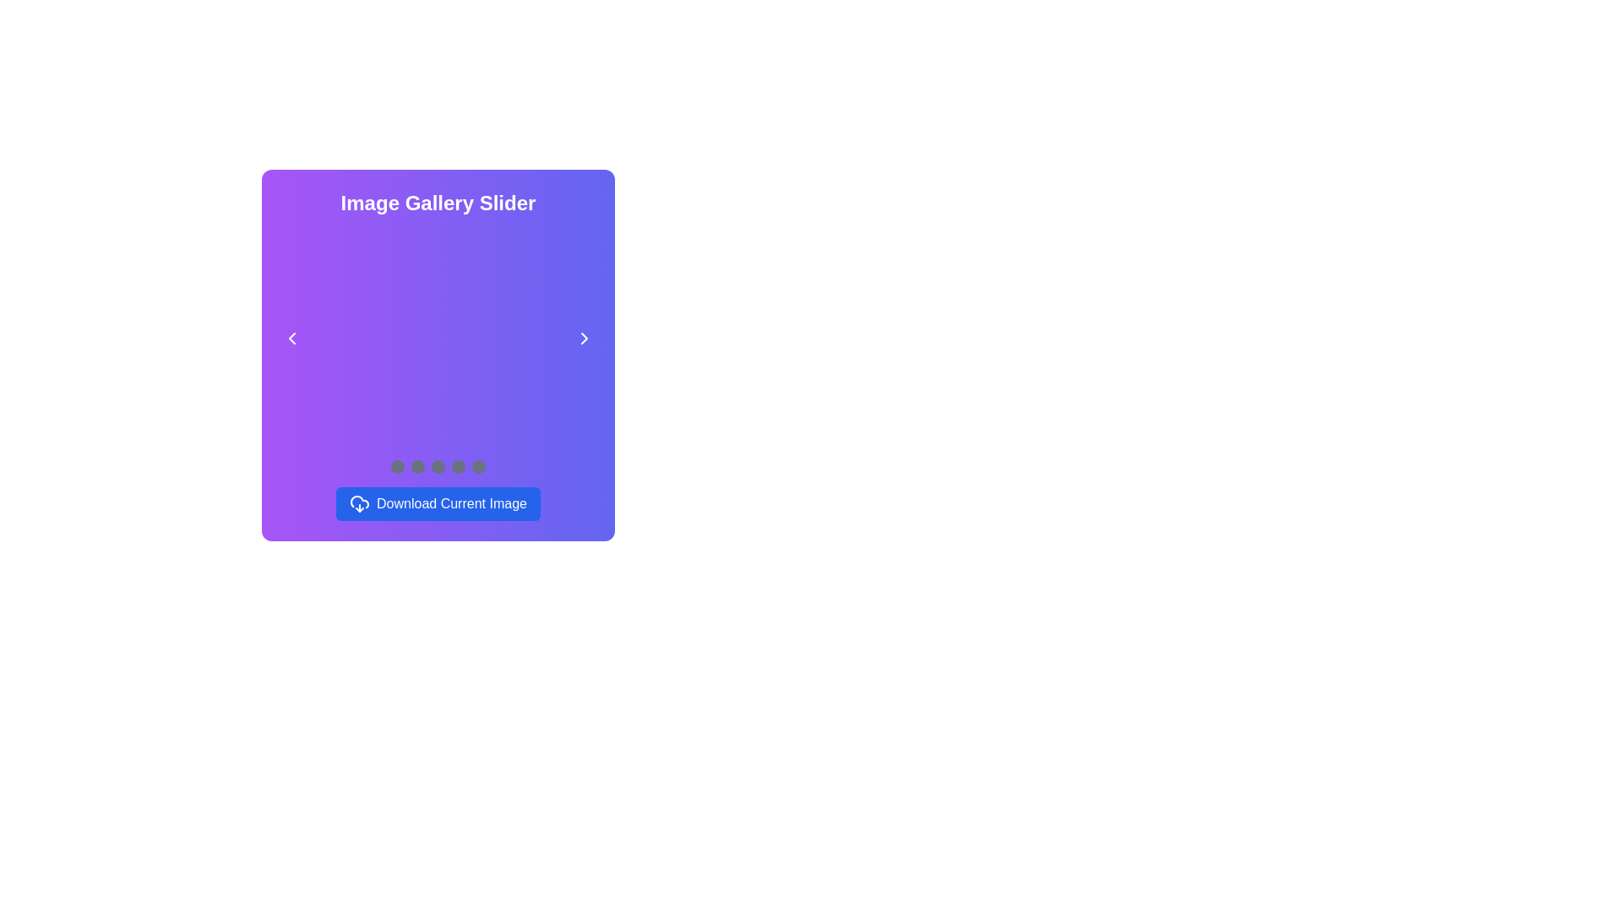 Image resolution: width=1622 pixels, height=912 pixels. What do you see at coordinates (359, 501) in the screenshot?
I see `graphical cloud icon located adjacent to the 'Download Current Image' button for design details` at bounding box center [359, 501].